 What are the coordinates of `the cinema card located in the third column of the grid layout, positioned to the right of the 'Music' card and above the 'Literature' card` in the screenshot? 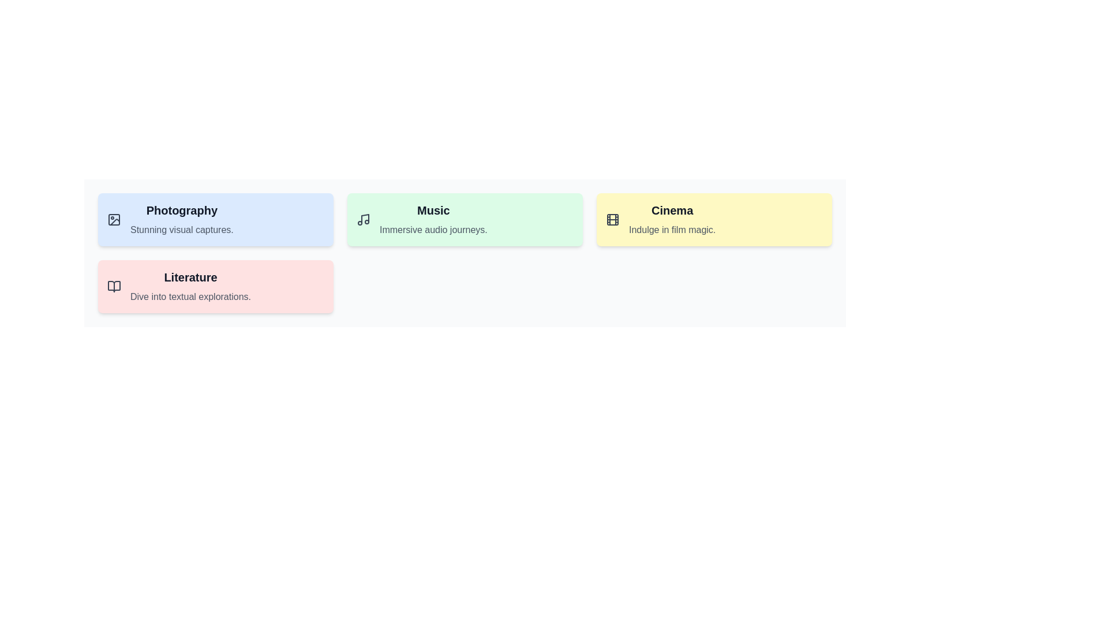 It's located at (714, 220).